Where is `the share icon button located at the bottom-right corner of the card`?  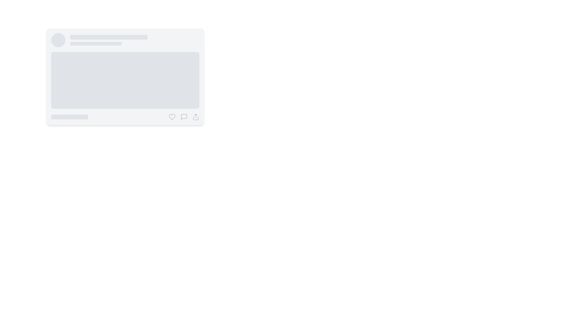 the share icon button located at the bottom-right corner of the card is located at coordinates (196, 117).